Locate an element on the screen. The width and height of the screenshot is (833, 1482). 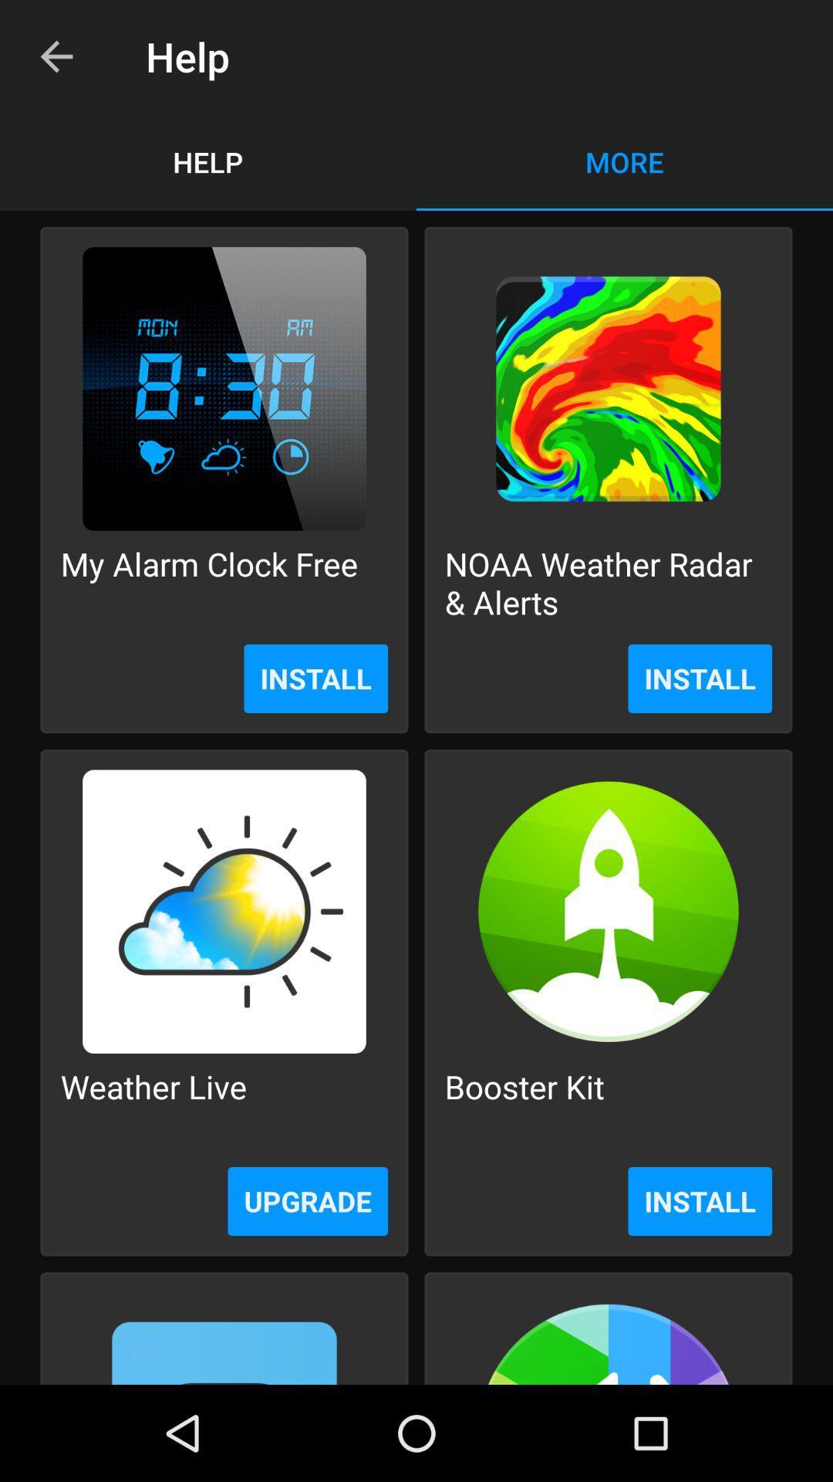
the booster kit icon is located at coordinates (524, 1105).